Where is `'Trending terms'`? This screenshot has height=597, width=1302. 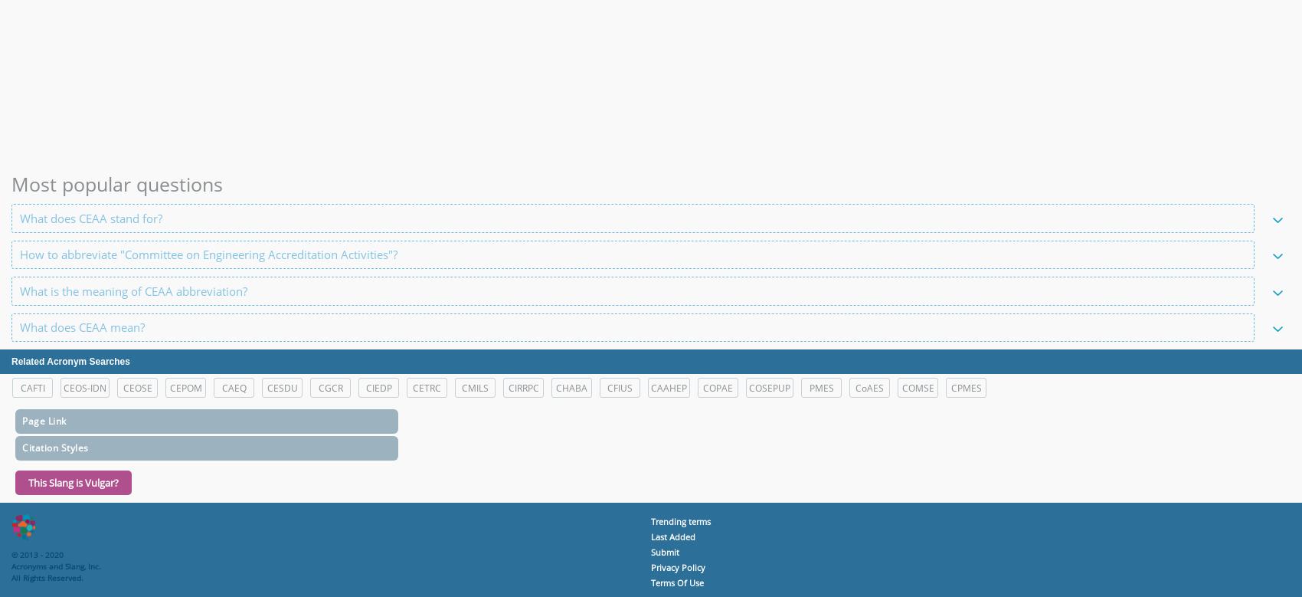 'Trending terms' is located at coordinates (680, 521).